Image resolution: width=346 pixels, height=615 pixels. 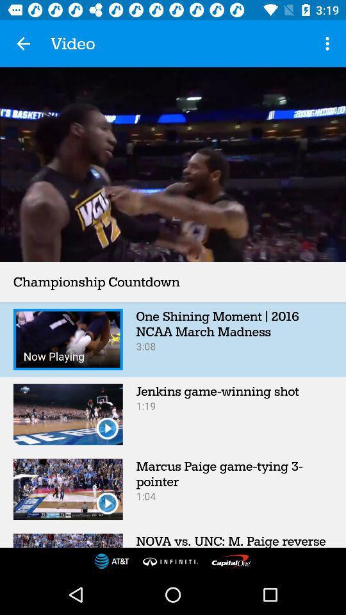 What do you see at coordinates (329, 44) in the screenshot?
I see `icon at the top right corner` at bounding box center [329, 44].